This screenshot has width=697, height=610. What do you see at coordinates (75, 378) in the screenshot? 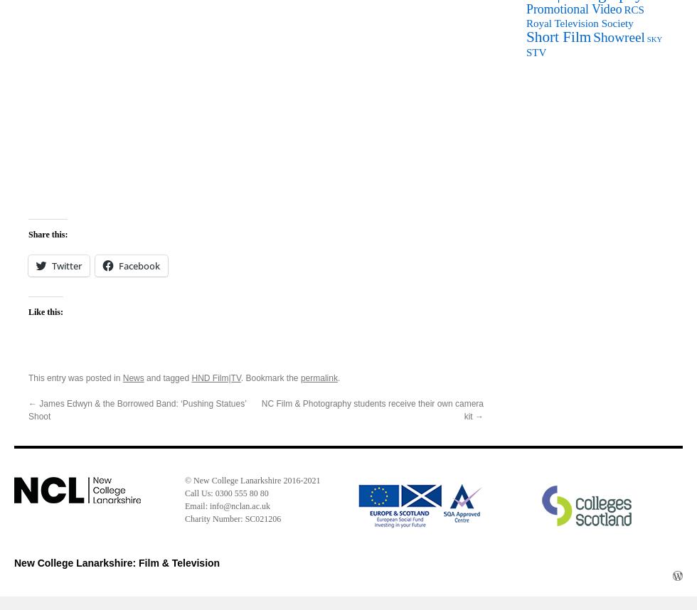
I see `'This entry was posted in'` at bounding box center [75, 378].